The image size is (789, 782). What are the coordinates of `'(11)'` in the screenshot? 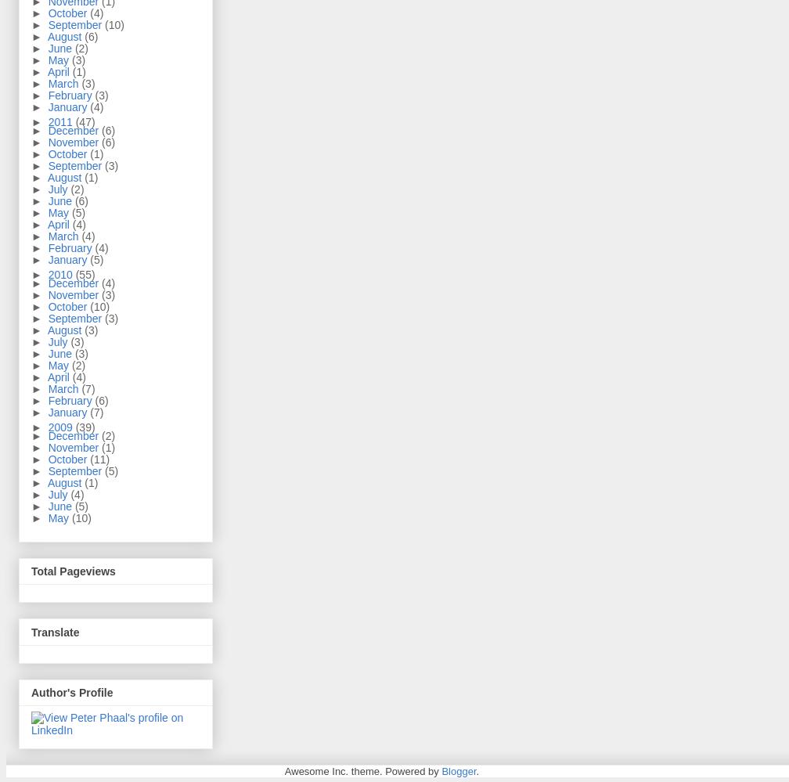 It's located at (99, 459).